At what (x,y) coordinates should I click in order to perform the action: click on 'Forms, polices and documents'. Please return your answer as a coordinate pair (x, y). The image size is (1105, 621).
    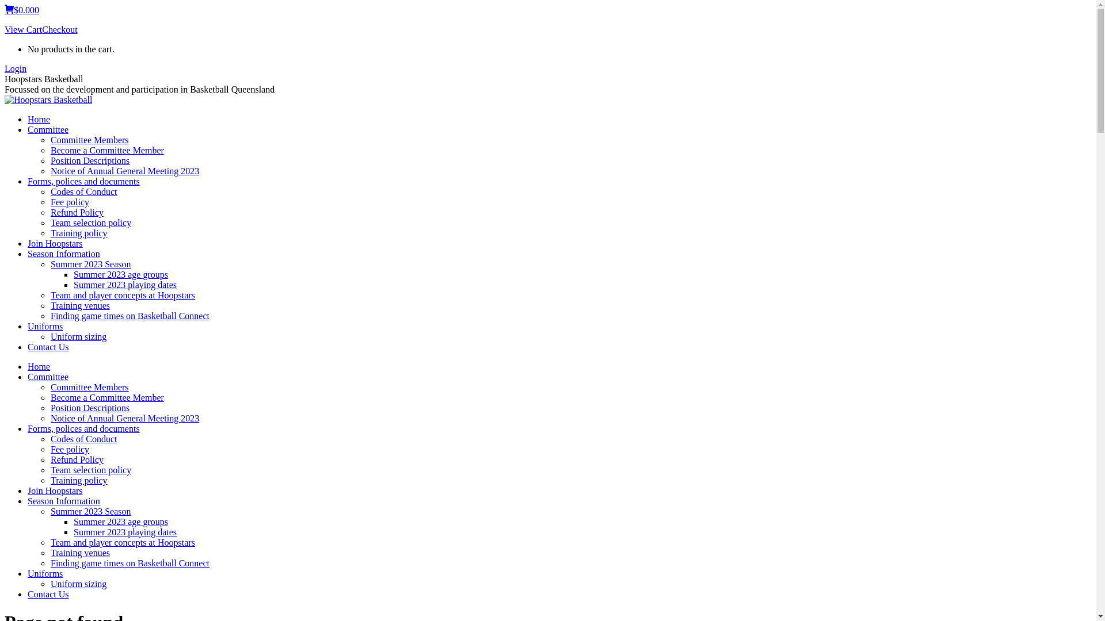
    Looking at the image, I should click on (83, 181).